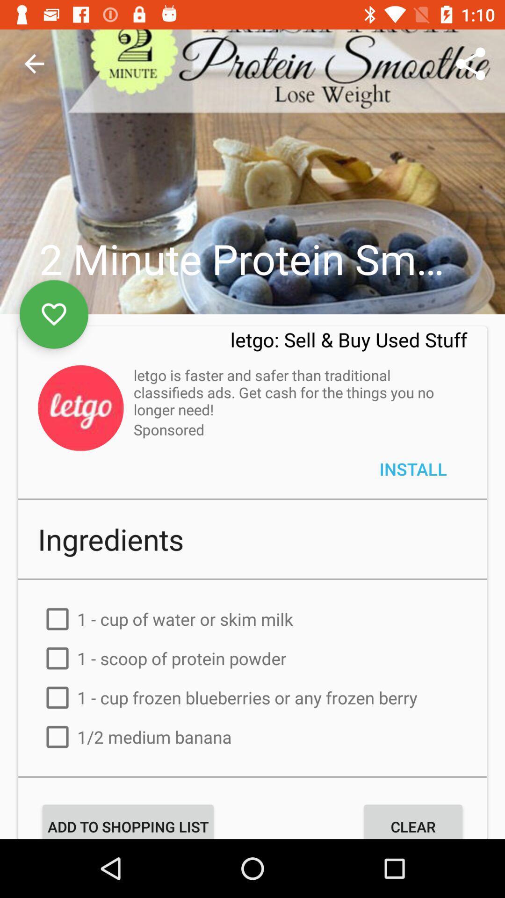  I want to click on the favorite icon, so click(54, 314).